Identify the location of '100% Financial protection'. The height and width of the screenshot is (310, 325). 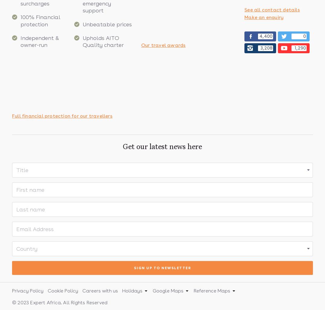
(40, 20).